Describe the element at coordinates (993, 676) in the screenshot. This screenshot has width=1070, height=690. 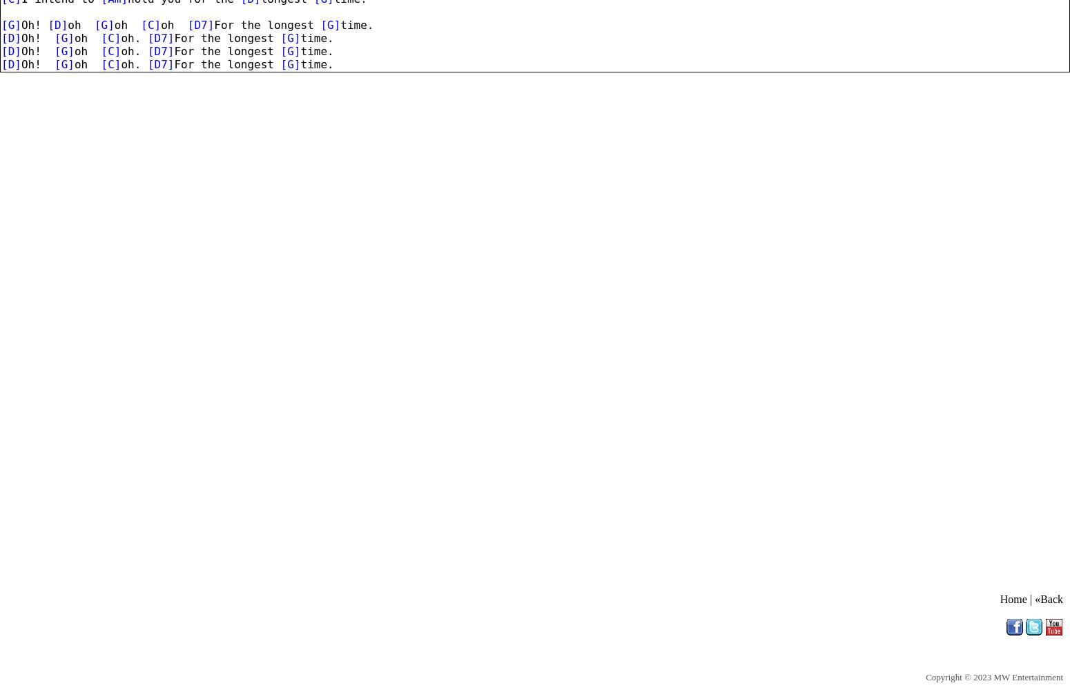
I see `'Copyright © 2023 MW Entertainment'` at that location.